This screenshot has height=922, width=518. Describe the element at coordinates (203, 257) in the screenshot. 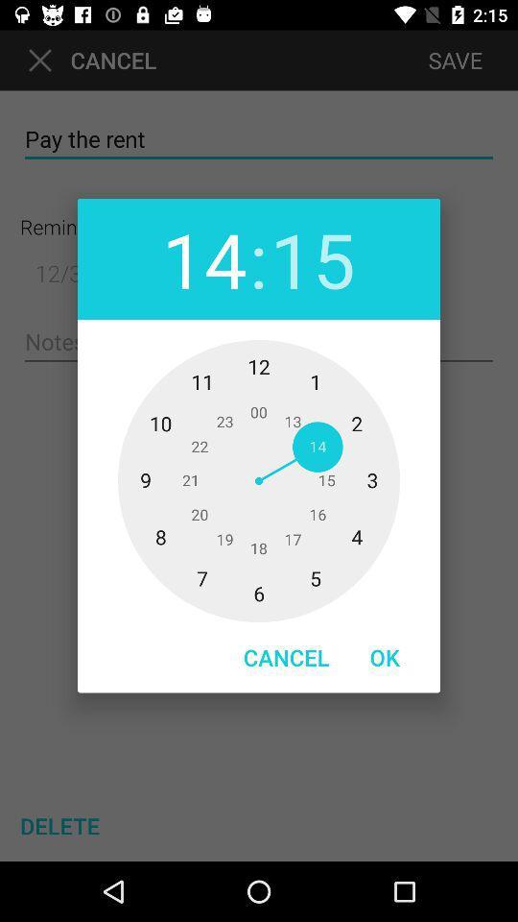

I see `the icon next to : item` at that location.